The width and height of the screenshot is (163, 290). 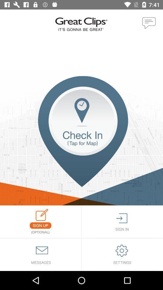 I want to click on opens map, so click(x=81, y=140).